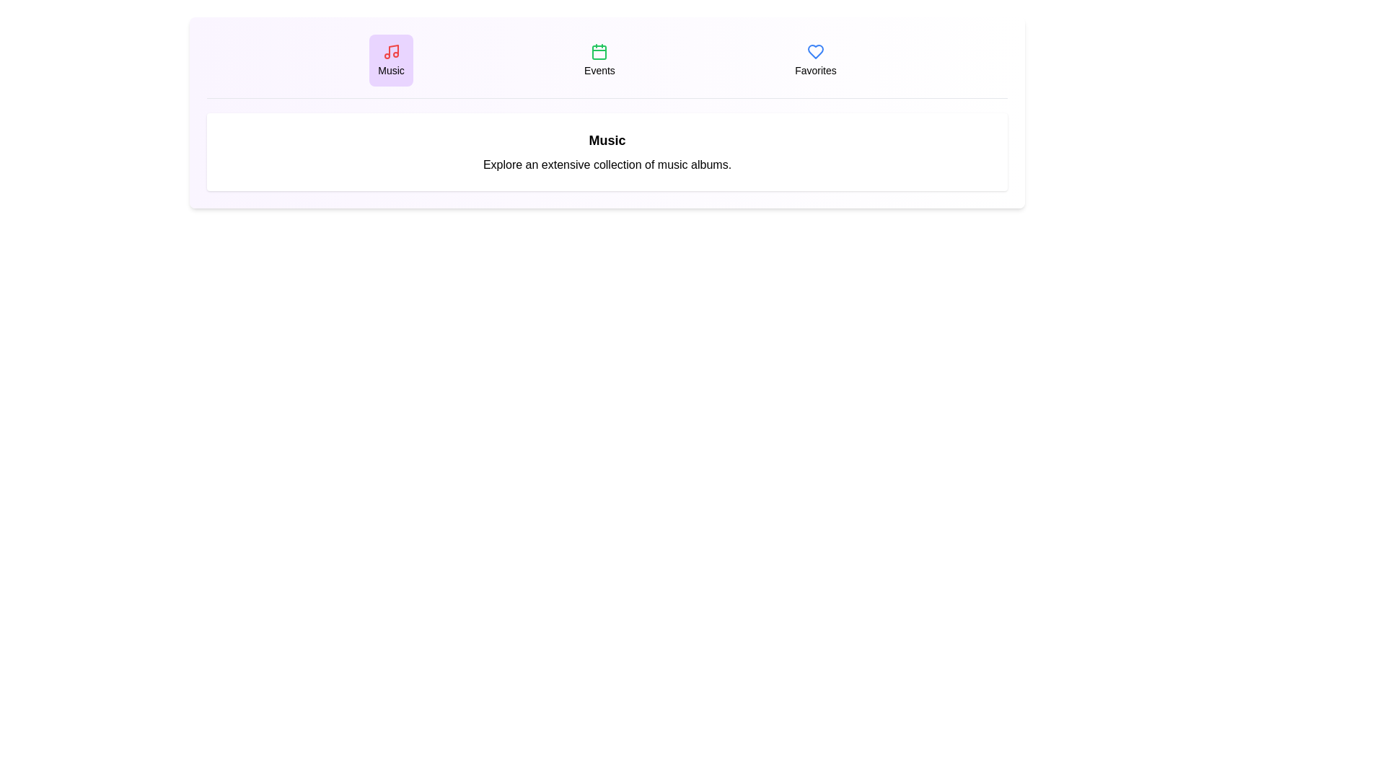 The width and height of the screenshot is (1385, 779). I want to click on the icon for the Favorites tab, so click(815, 51).